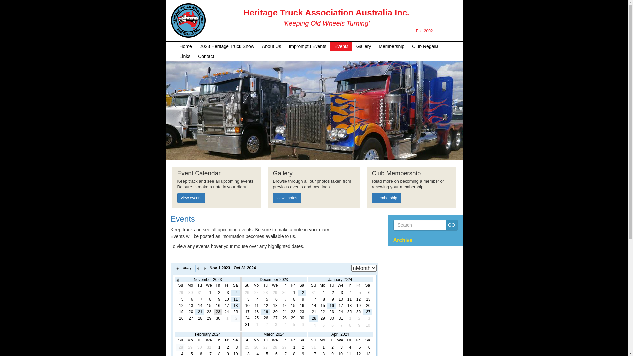  Describe the element at coordinates (179, 281) in the screenshot. I see `'Prev'` at that location.